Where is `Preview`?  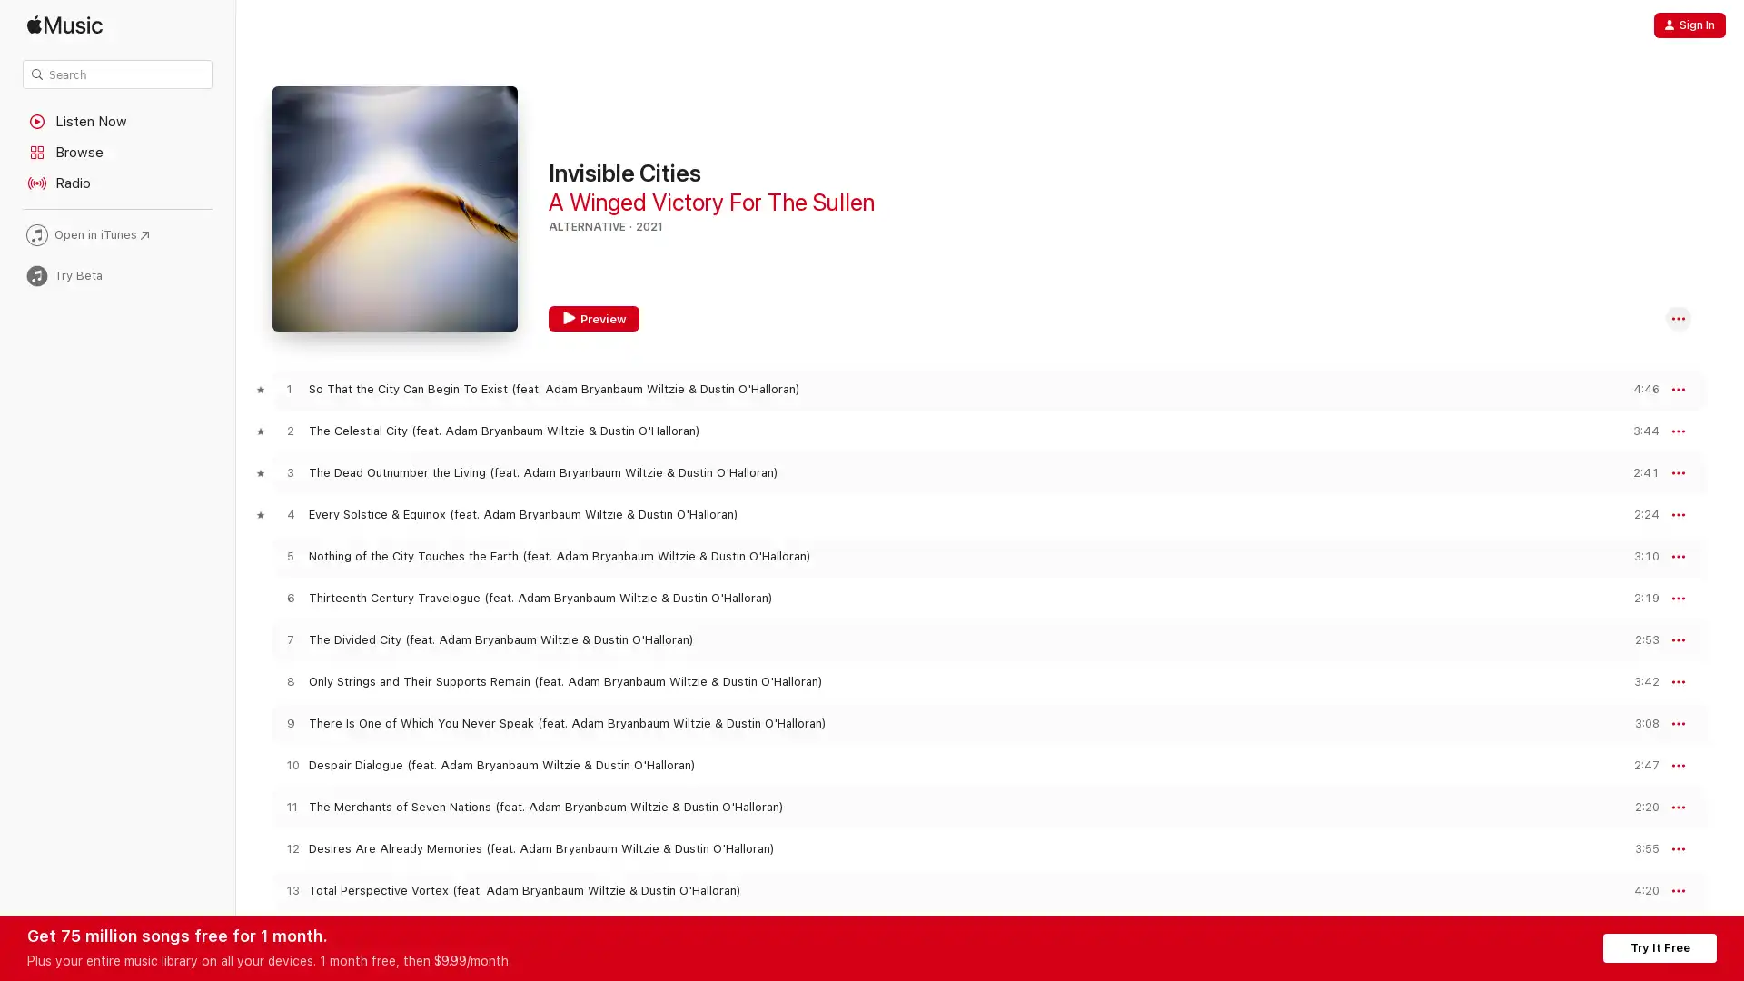 Preview is located at coordinates (1639, 639).